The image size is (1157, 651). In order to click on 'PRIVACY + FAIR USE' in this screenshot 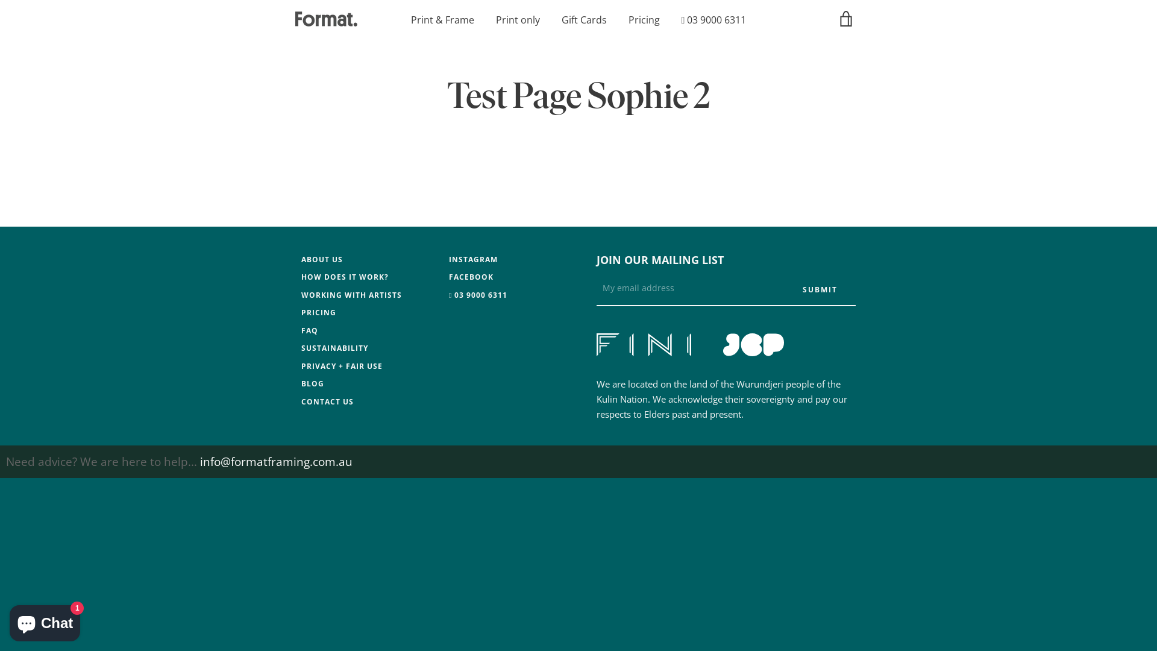, I will do `click(341, 365)`.